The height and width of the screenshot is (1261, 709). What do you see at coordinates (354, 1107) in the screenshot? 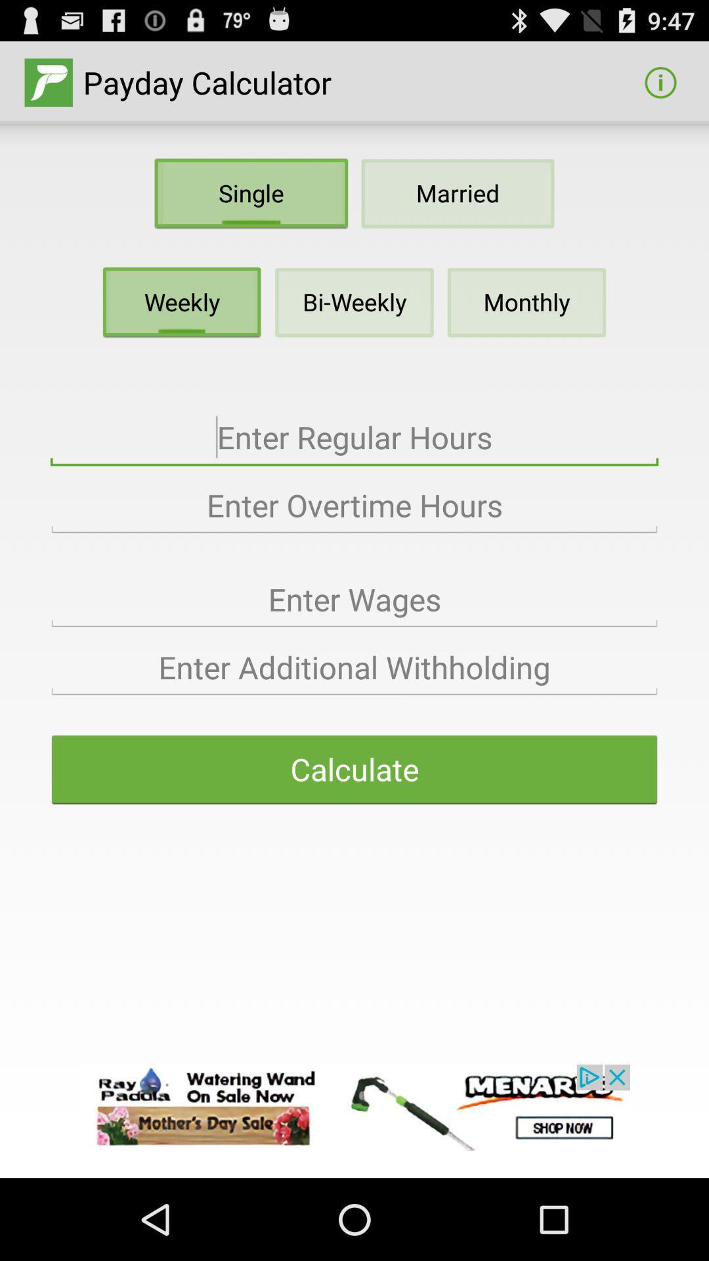
I see `open advertisement` at bounding box center [354, 1107].